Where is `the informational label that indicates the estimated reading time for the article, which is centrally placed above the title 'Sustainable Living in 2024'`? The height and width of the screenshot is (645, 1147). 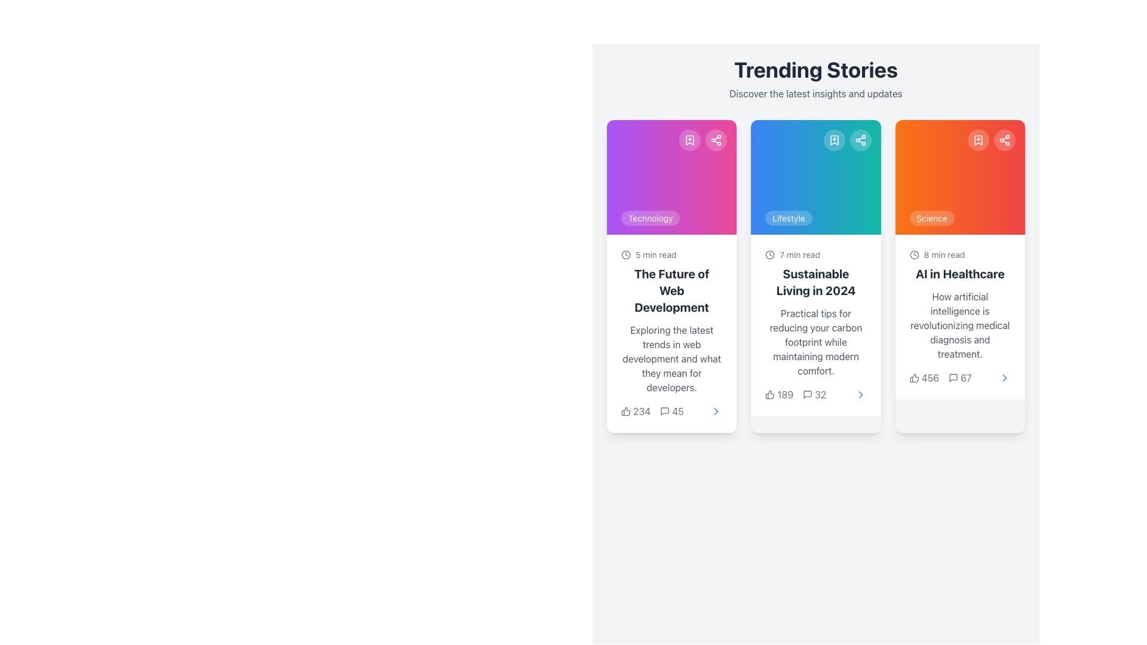 the informational label that indicates the estimated reading time for the article, which is centrally placed above the title 'Sustainable Living in 2024' is located at coordinates (815, 254).